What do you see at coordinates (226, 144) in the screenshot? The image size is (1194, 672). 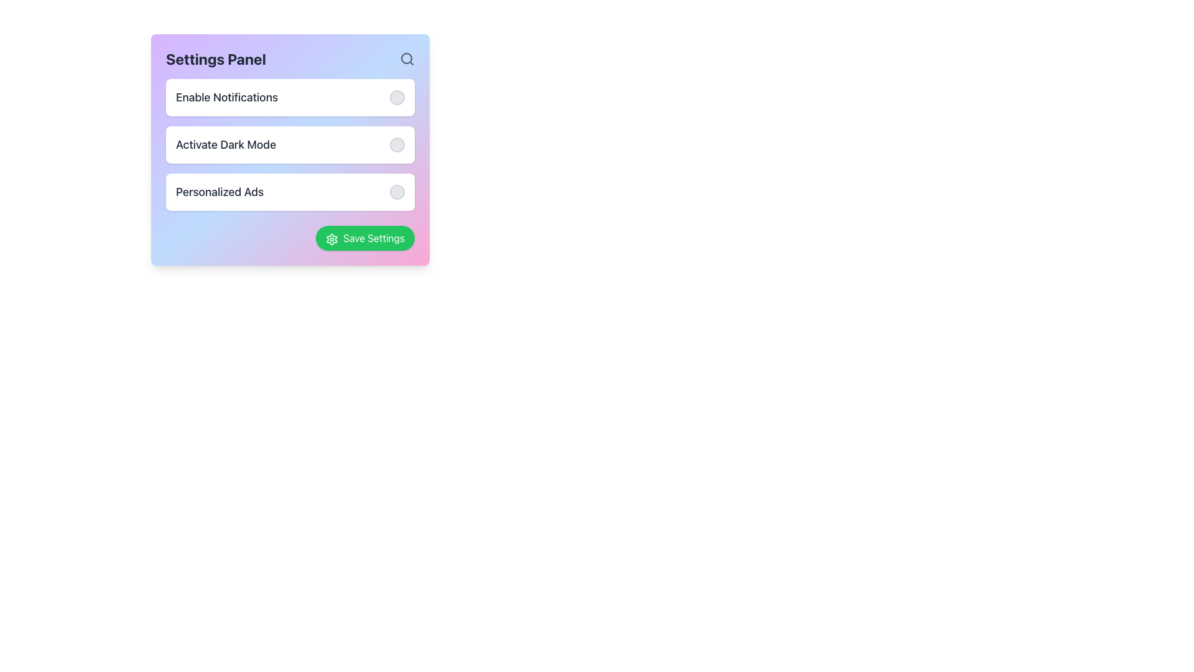 I see `text label that displays 'Activate Dark Mode', which is styled in bold dark gray font and is positioned between 'Enable Notifications' and 'Personalized Ads'` at bounding box center [226, 144].